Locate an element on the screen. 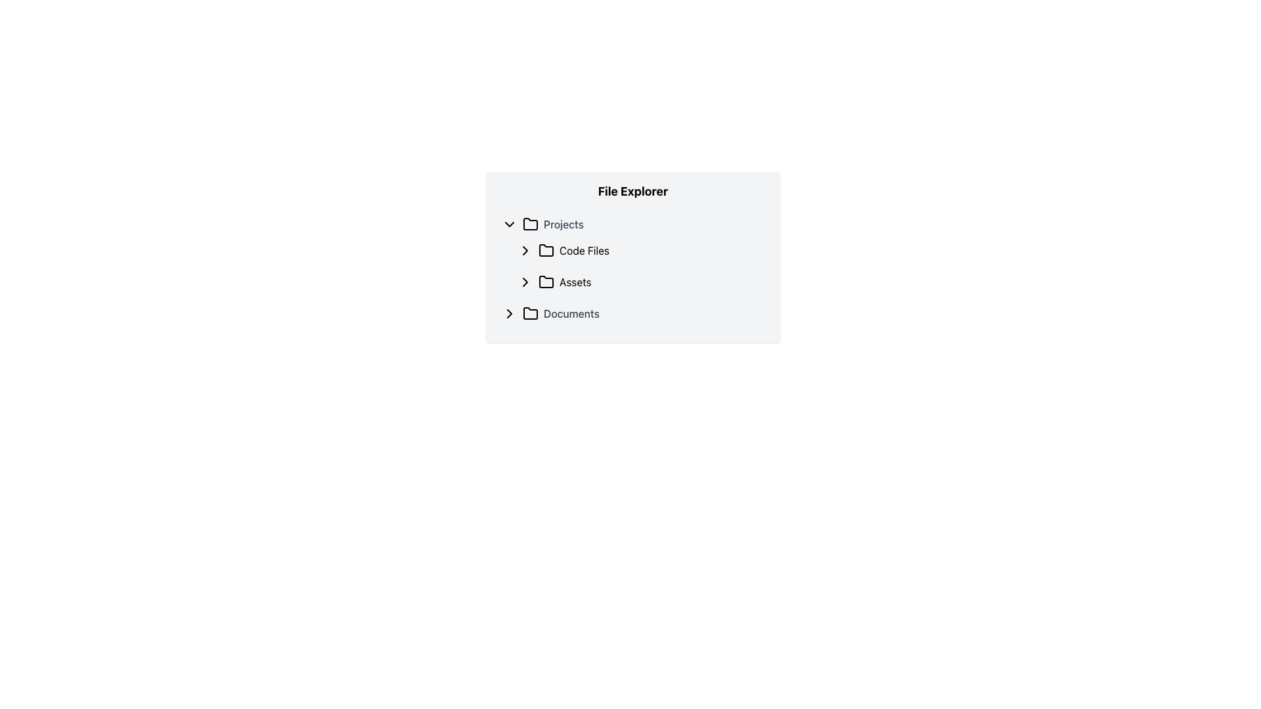  the folder icon located under the 'Projects' section in the file explorer panel, which is positioned to the left of the 'Projects' label and to the right of a downward-pointing chevron icon is located at coordinates (530, 224).